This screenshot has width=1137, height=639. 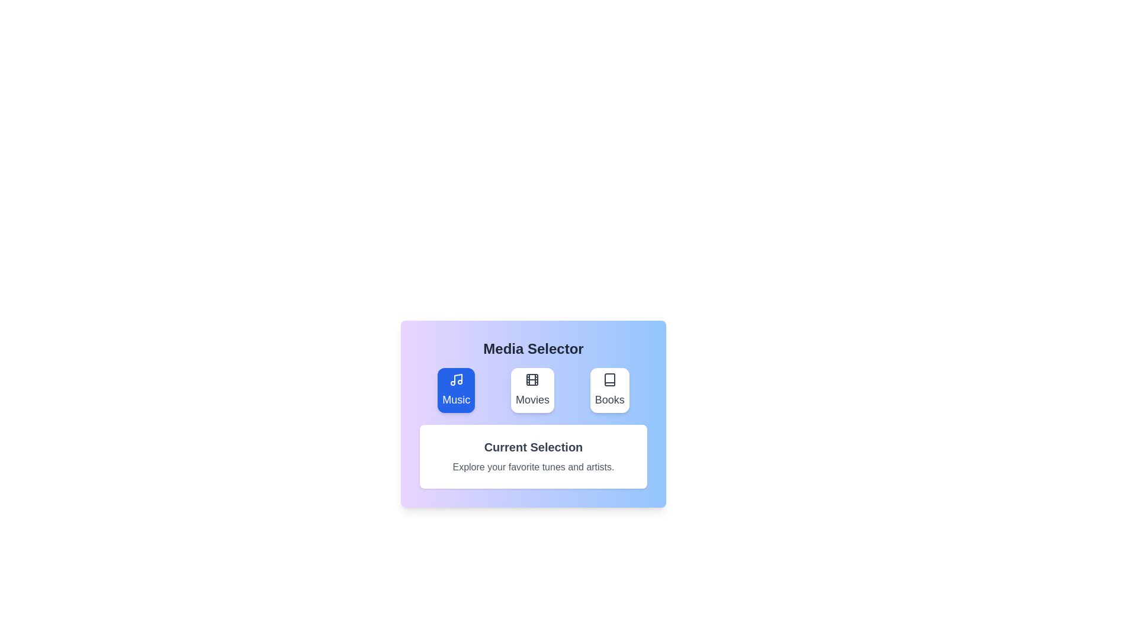 What do you see at coordinates (455, 379) in the screenshot?
I see `the musical note icon, which is part of the 'Music' button in the Media Selector group, depicted in bright white on a blue circular background` at bounding box center [455, 379].